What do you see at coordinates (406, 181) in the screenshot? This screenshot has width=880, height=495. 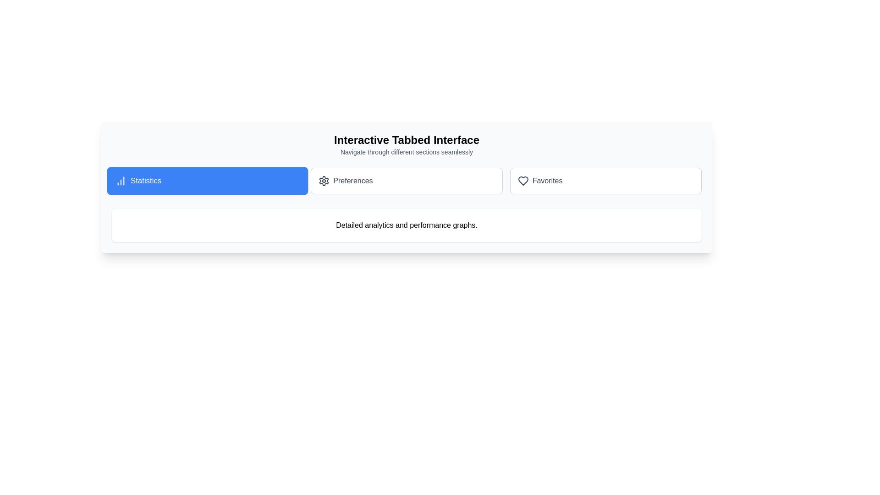 I see `the tab labeled Preferences to navigate to its content` at bounding box center [406, 181].